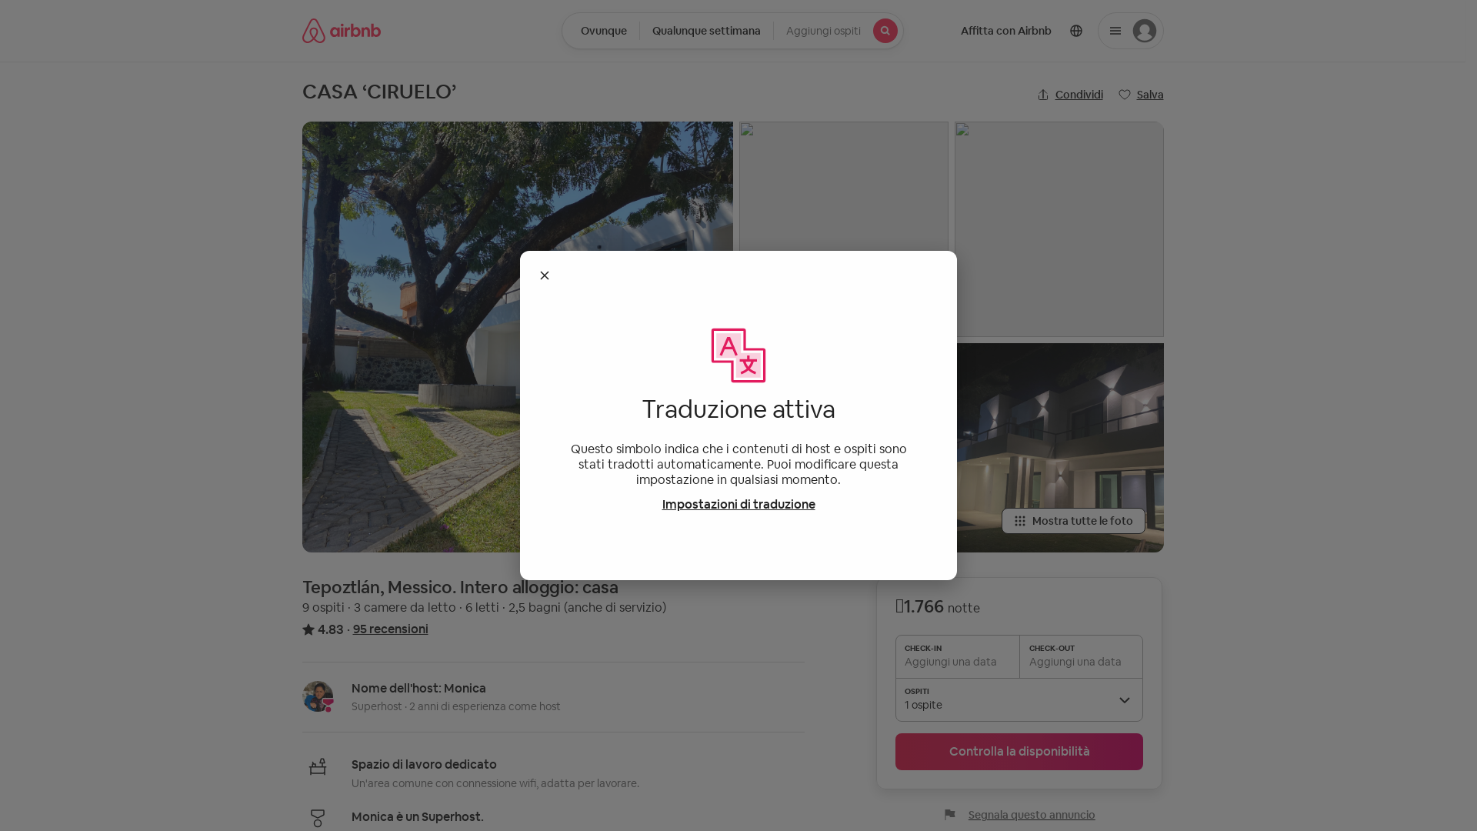 The height and width of the screenshot is (831, 1477). What do you see at coordinates (705, 30) in the screenshot?
I see `'Check-in/check-out` at bounding box center [705, 30].